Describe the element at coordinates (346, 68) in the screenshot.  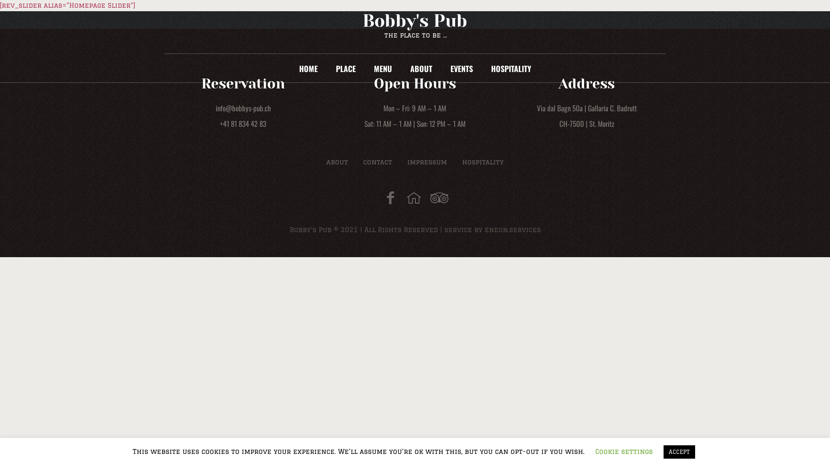
I see `'PLACE'` at that location.